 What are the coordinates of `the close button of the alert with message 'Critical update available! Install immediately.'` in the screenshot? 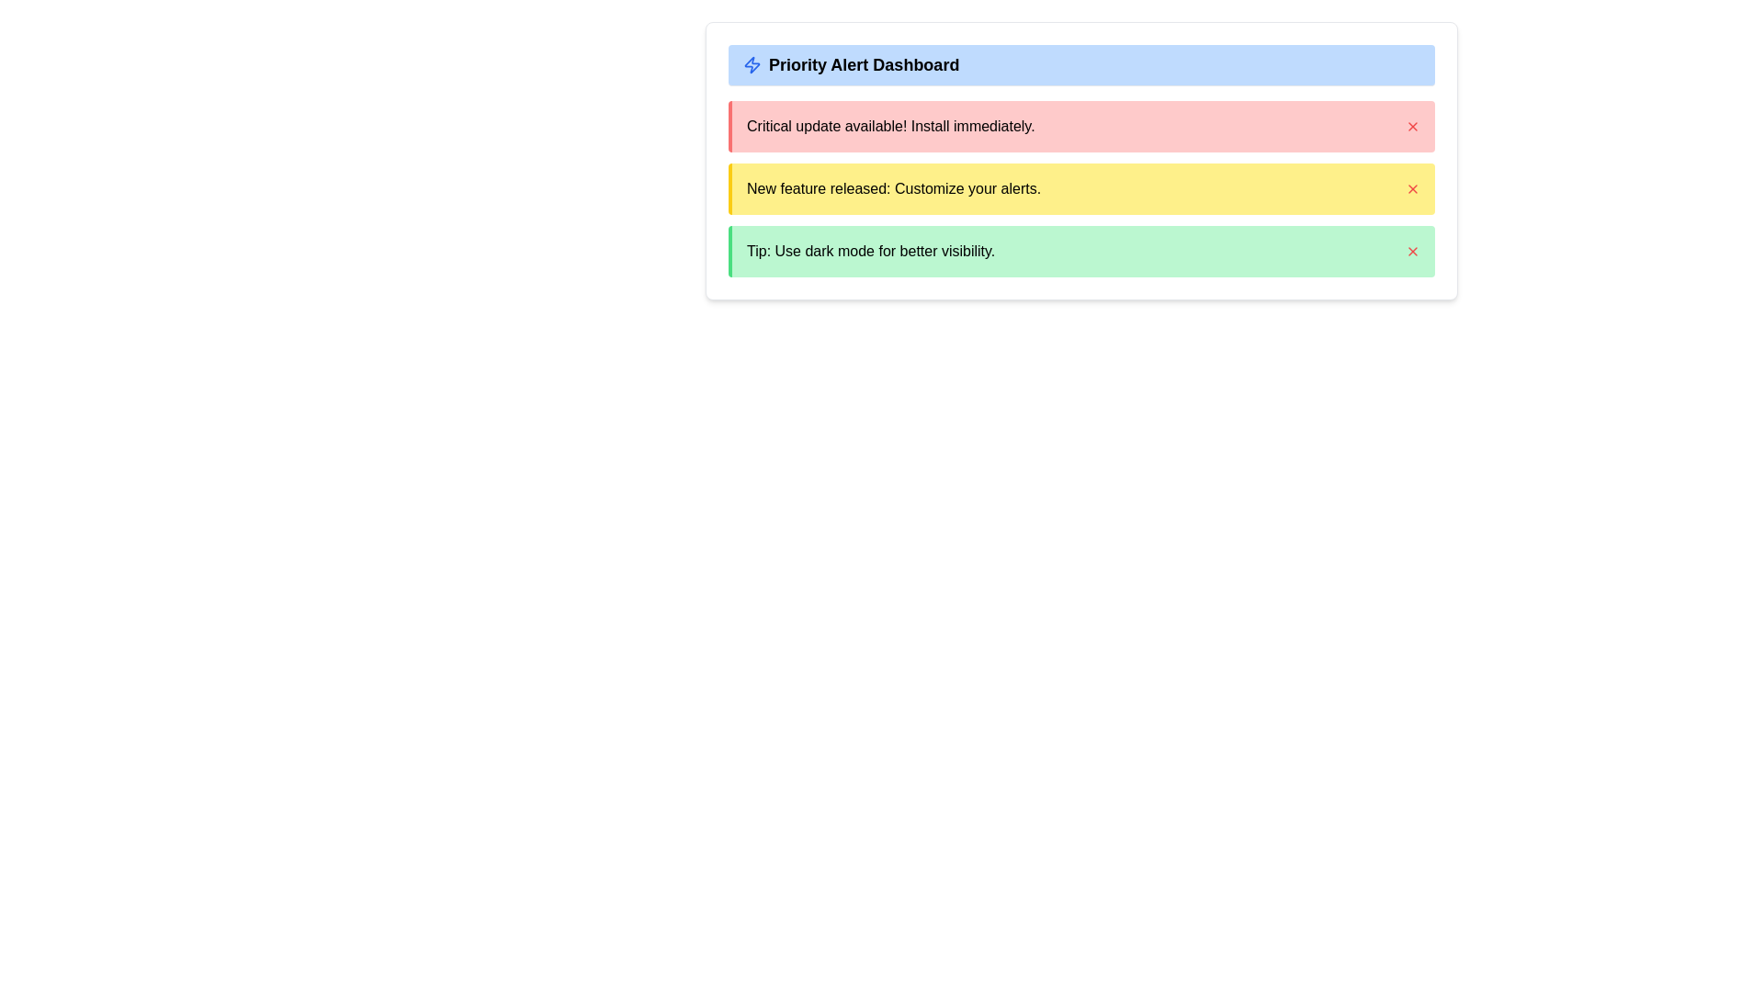 It's located at (1411, 126).